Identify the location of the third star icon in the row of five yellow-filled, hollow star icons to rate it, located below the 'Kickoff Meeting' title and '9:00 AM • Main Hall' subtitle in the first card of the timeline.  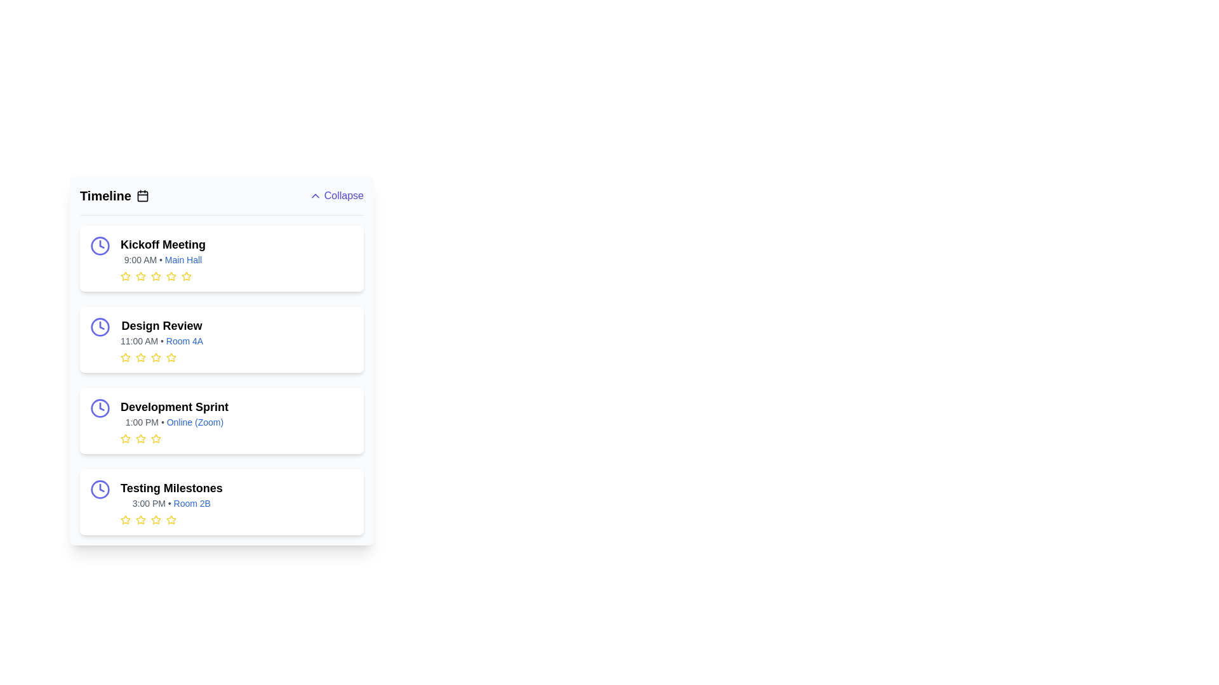
(163, 275).